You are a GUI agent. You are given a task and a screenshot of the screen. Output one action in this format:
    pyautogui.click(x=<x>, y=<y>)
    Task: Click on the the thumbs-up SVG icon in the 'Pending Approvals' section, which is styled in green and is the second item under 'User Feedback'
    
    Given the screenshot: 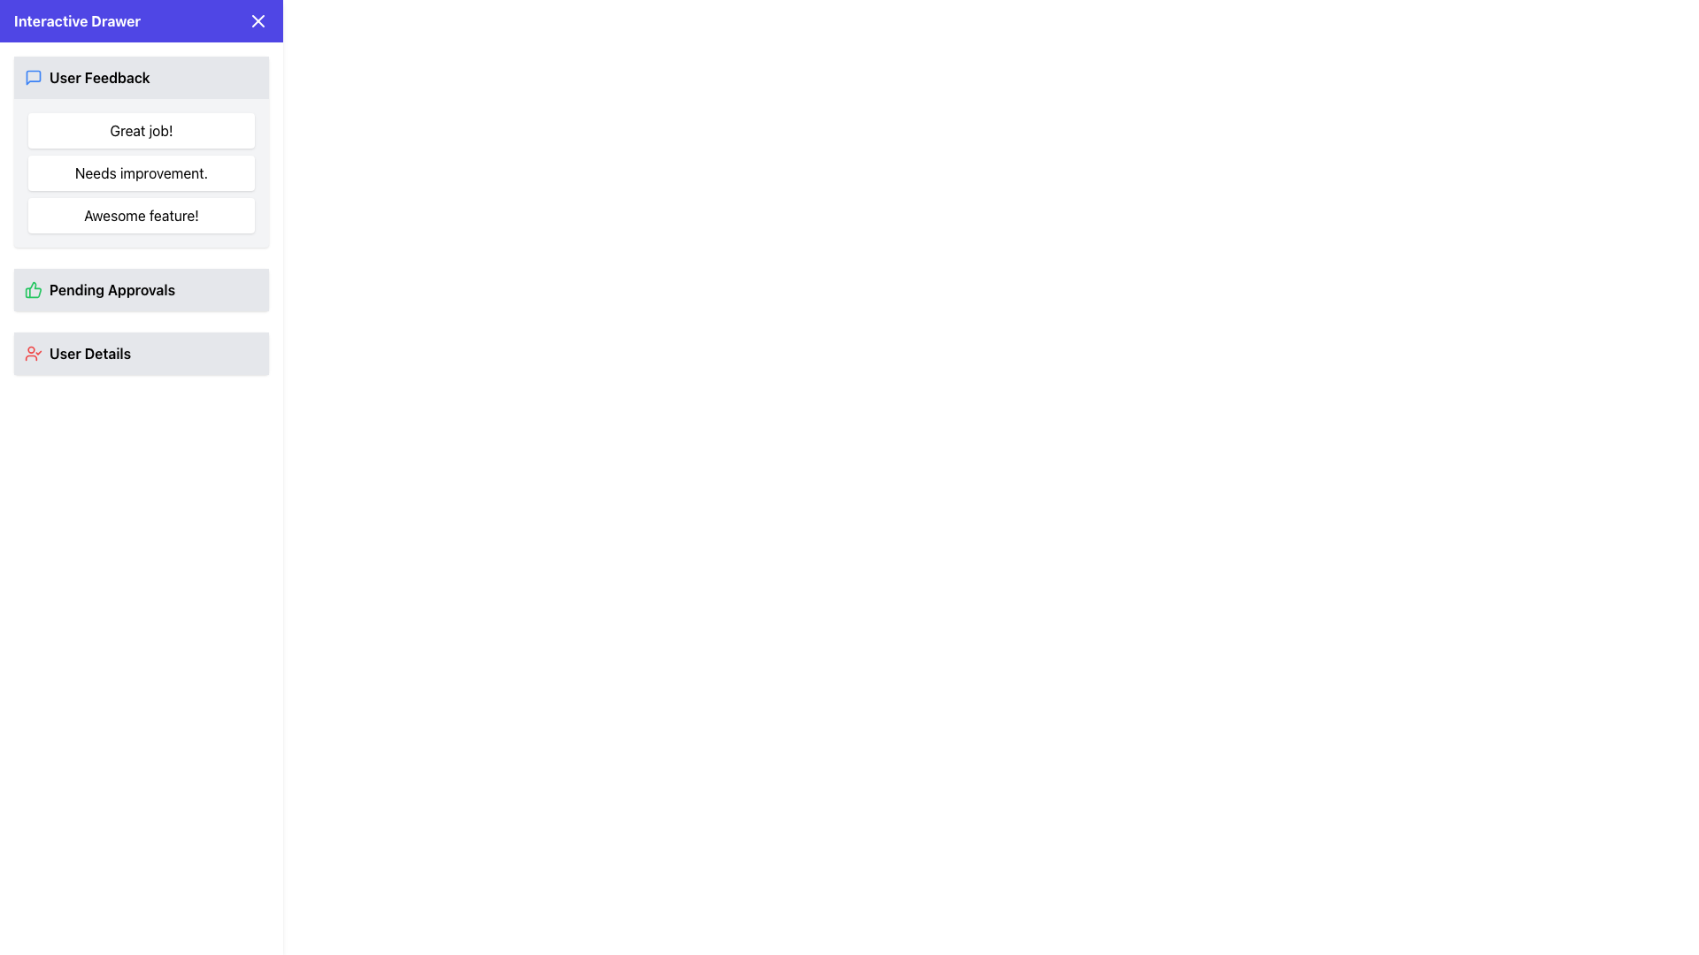 What is the action you would take?
    pyautogui.click(x=34, y=288)
    